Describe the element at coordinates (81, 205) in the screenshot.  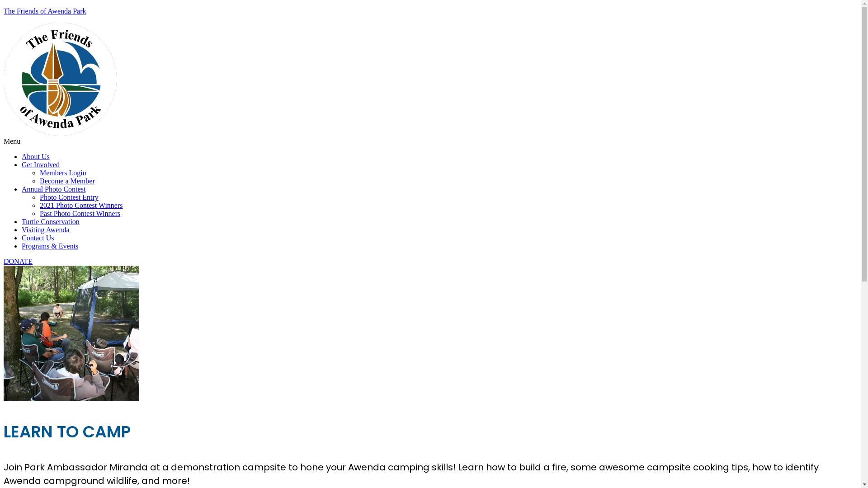
I see `'2021 Photo Contest Winners'` at that location.